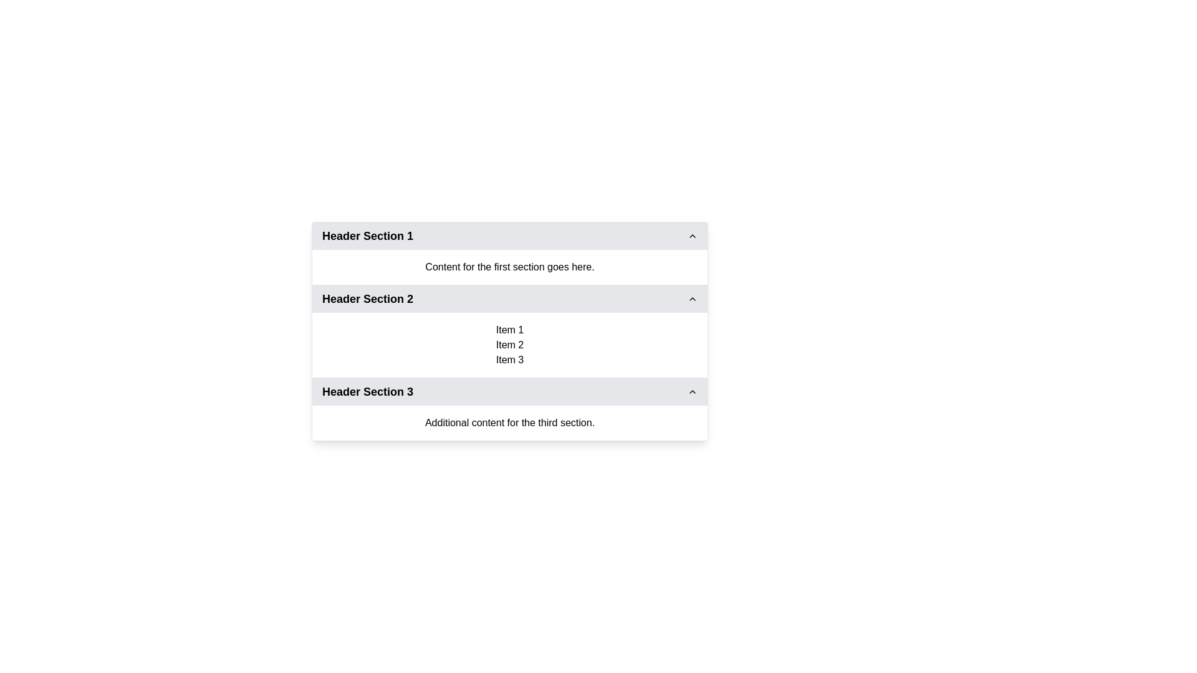 This screenshot has height=673, width=1197. What do you see at coordinates (509, 391) in the screenshot?
I see `the Toggle header labeled 'Header Section 3', which has a light gray background and a chevron-up arrow icon` at bounding box center [509, 391].